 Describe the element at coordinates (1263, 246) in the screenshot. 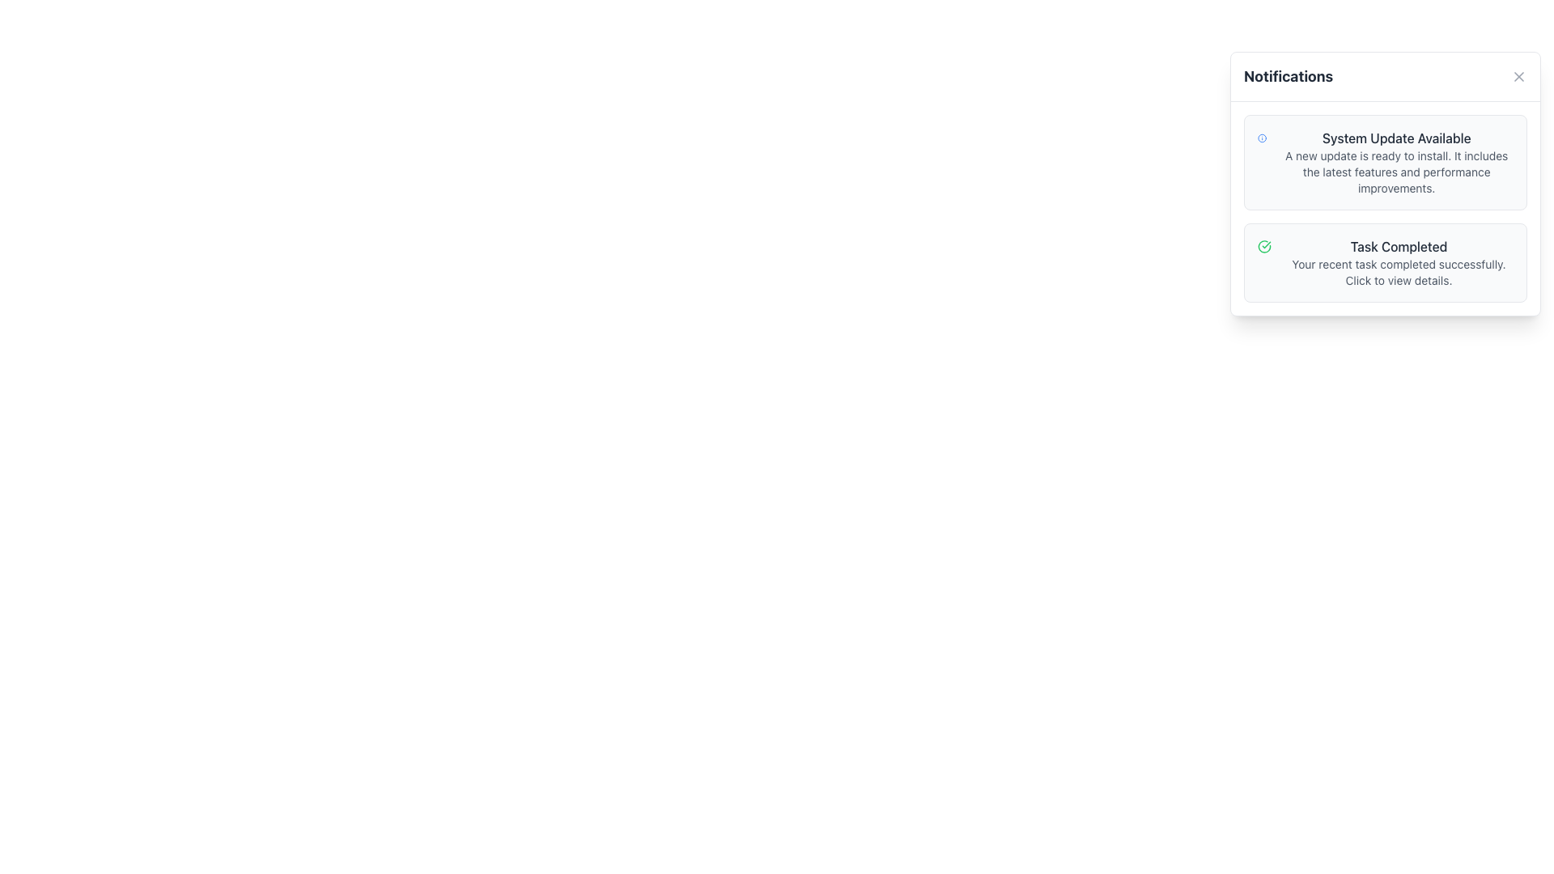

I see `the status represented by the checkmark icon located to the left of the 'Task Completed' title within the notification card` at that location.